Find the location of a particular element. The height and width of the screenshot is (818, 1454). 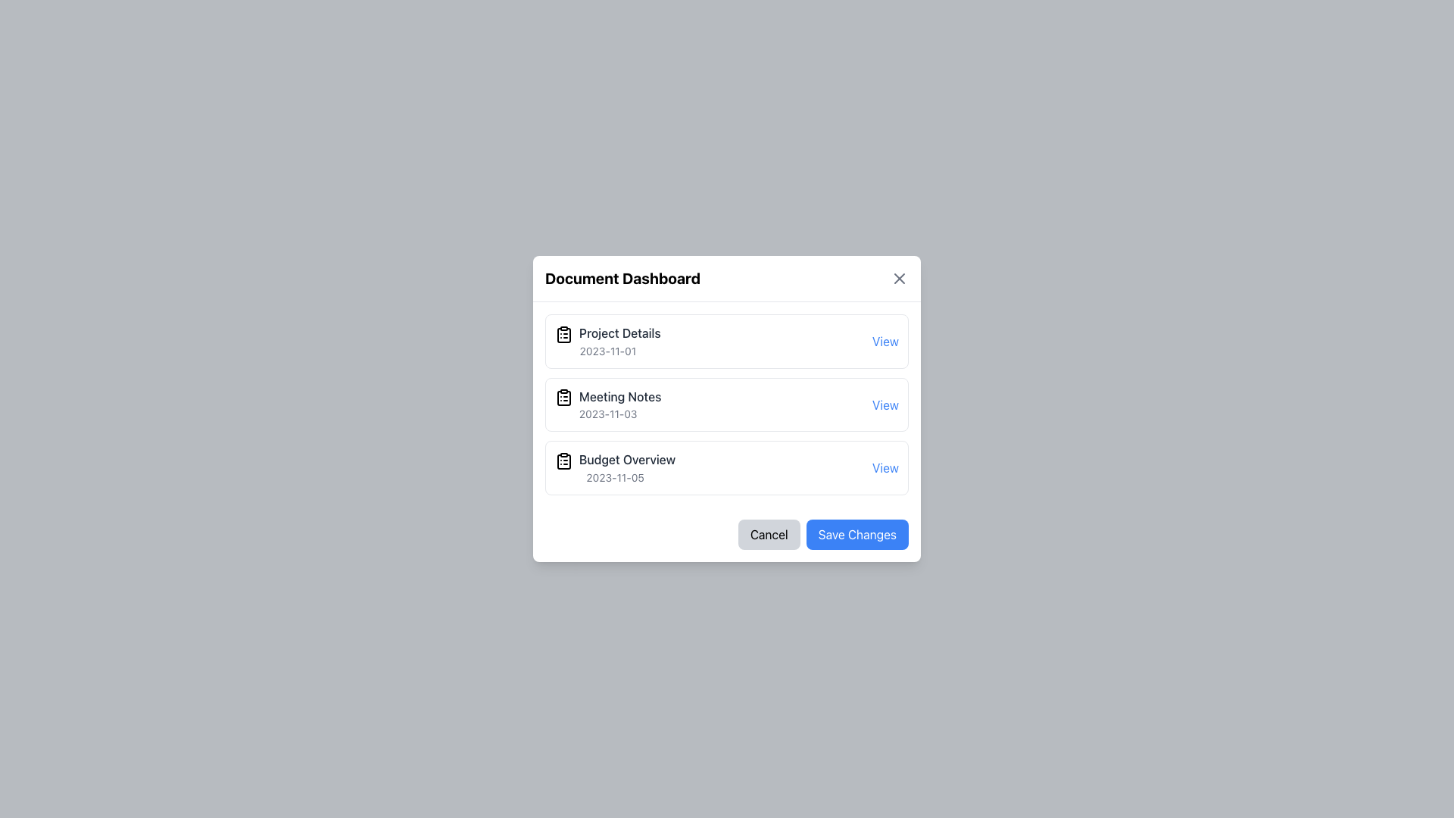

the icon representing the document labeled 'Meeting Notes', which is the leftmost component in its row, enhancing recognition of this item is located at coordinates (563, 396).